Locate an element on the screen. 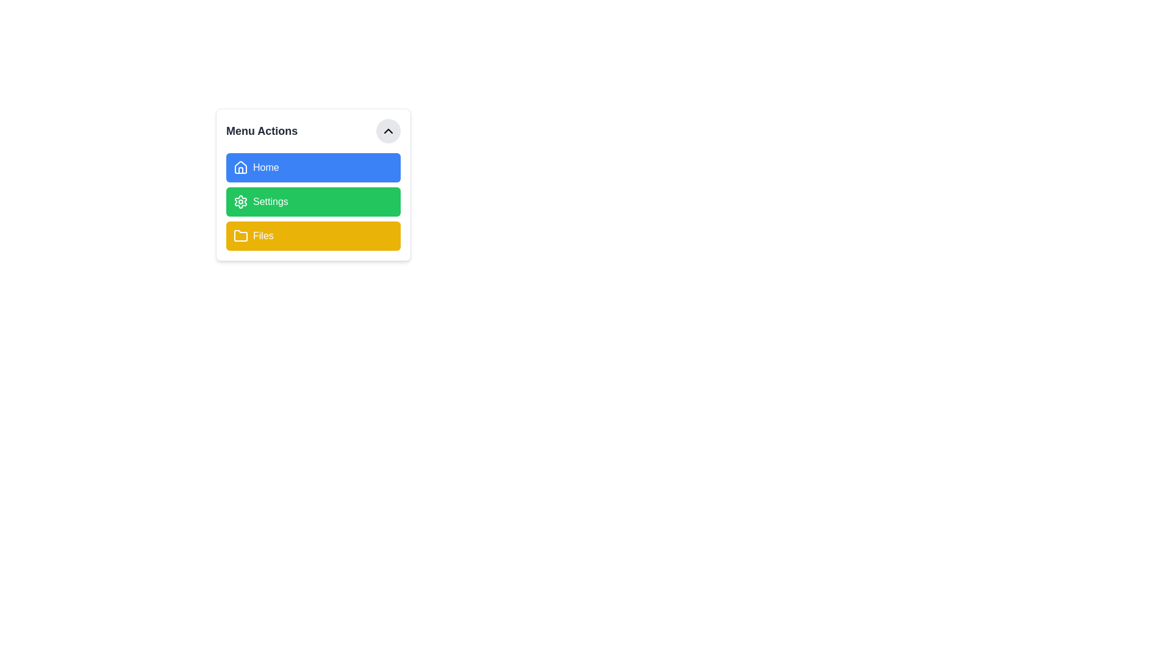  the 'Home' icon in the 'Menu Actions' list, which visually represents the 'Home' action is located at coordinates (240, 167).